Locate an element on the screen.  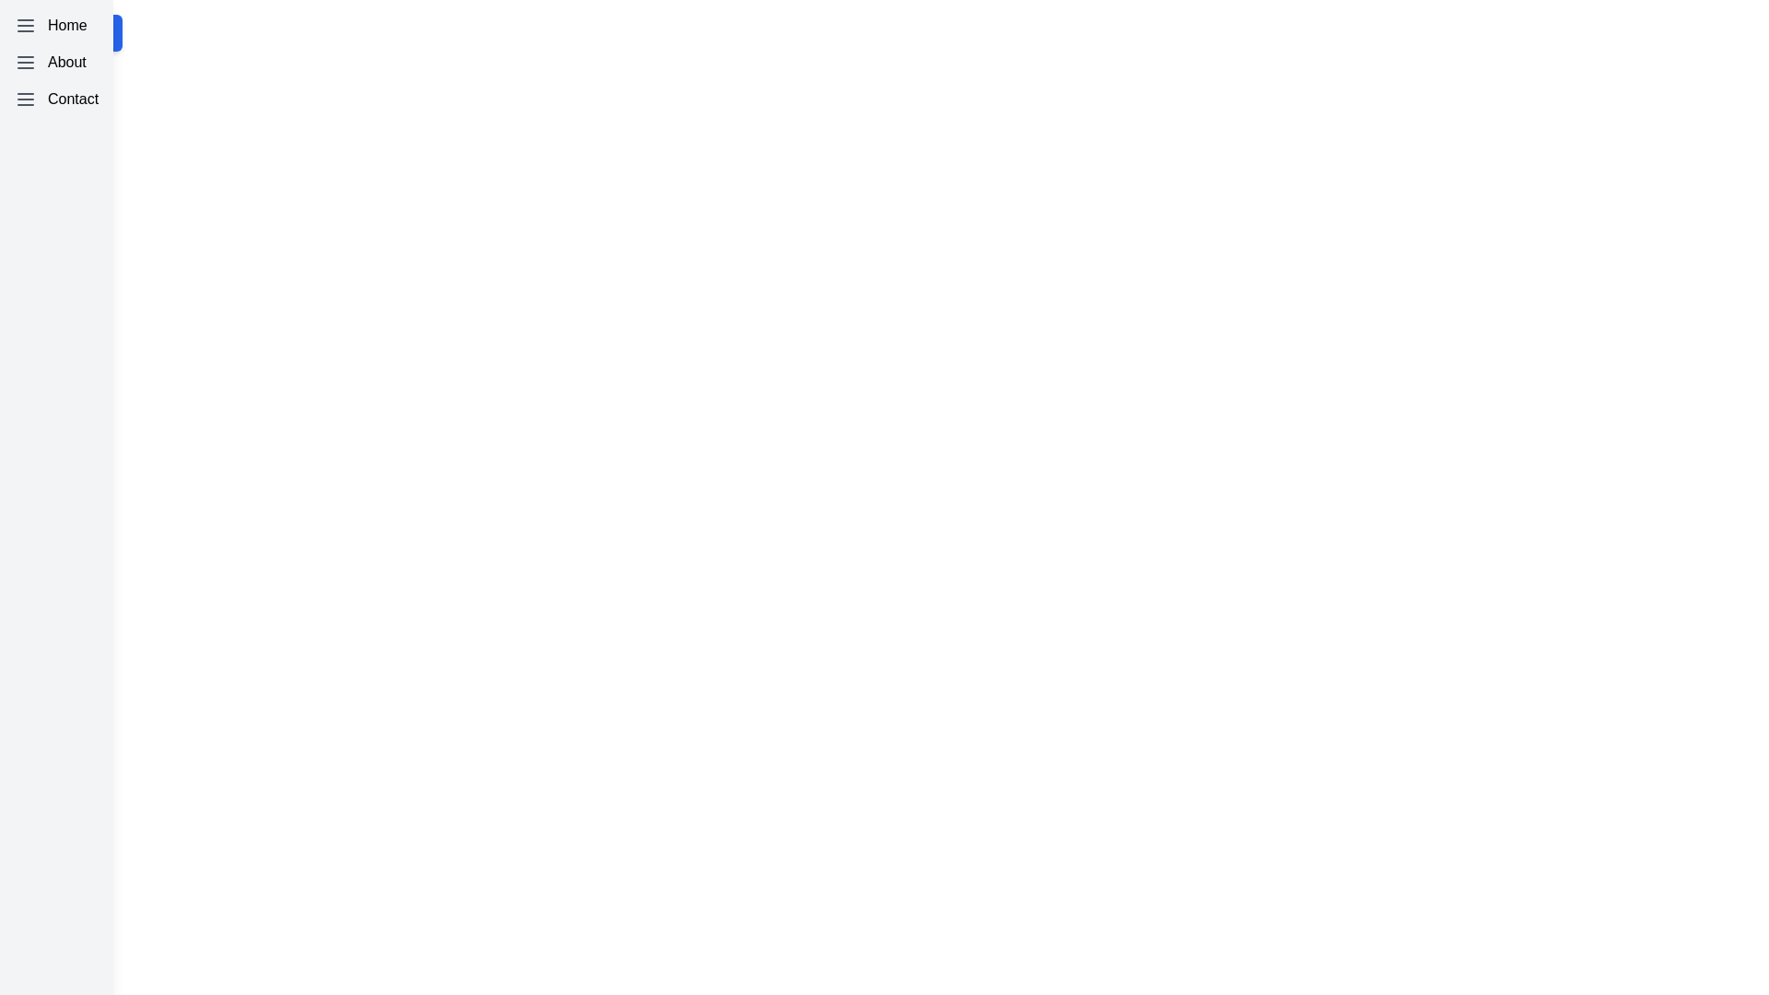
the Contact menu item to navigate is located at coordinates (56, 99).